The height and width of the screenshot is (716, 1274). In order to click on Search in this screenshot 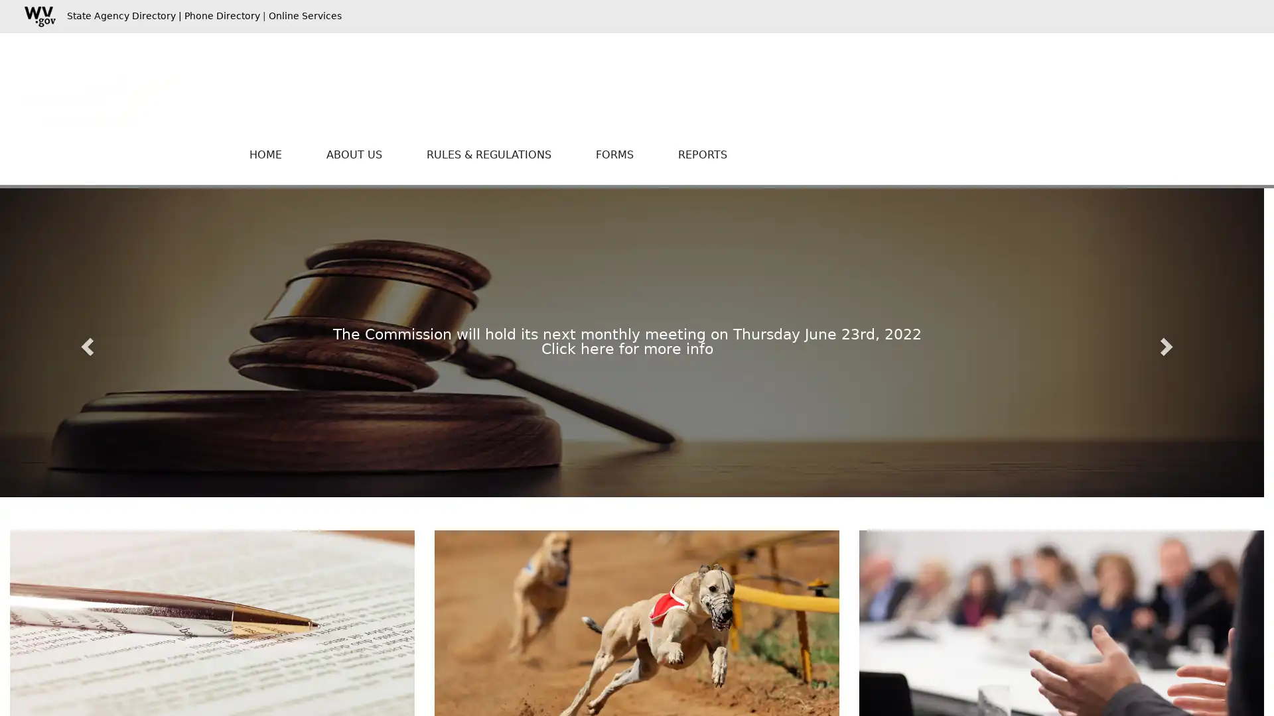, I will do `click(1130, 80)`.